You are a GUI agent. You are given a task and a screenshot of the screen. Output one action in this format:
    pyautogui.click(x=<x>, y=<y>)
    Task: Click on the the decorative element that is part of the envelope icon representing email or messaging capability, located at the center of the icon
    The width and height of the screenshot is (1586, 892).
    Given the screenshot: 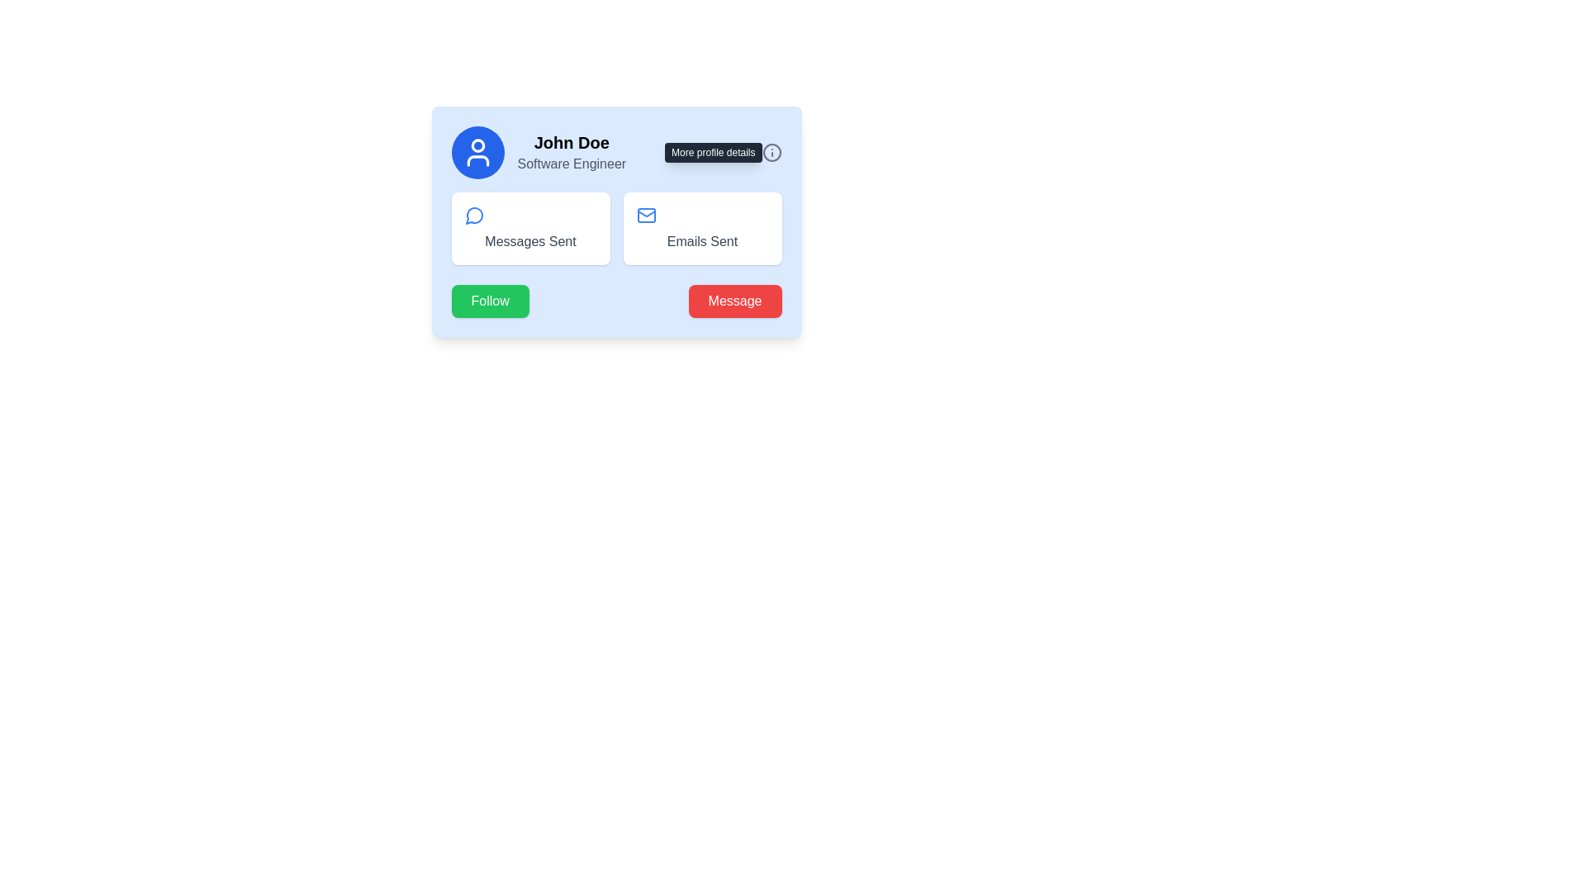 What is the action you would take?
    pyautogui.click(x=645, y=215)
    